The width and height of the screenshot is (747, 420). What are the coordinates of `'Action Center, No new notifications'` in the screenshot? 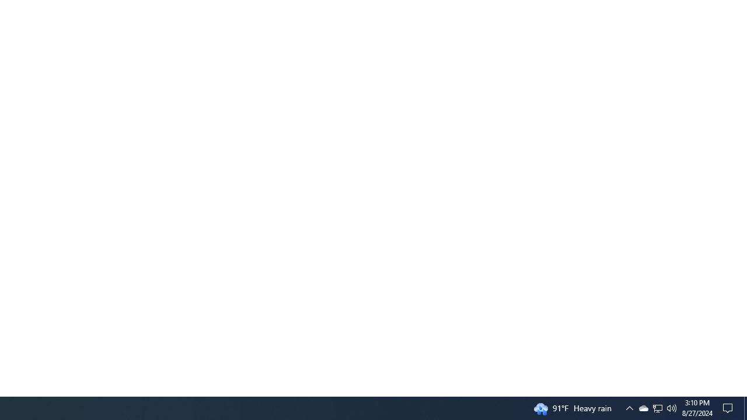 It's located at (729, 407).